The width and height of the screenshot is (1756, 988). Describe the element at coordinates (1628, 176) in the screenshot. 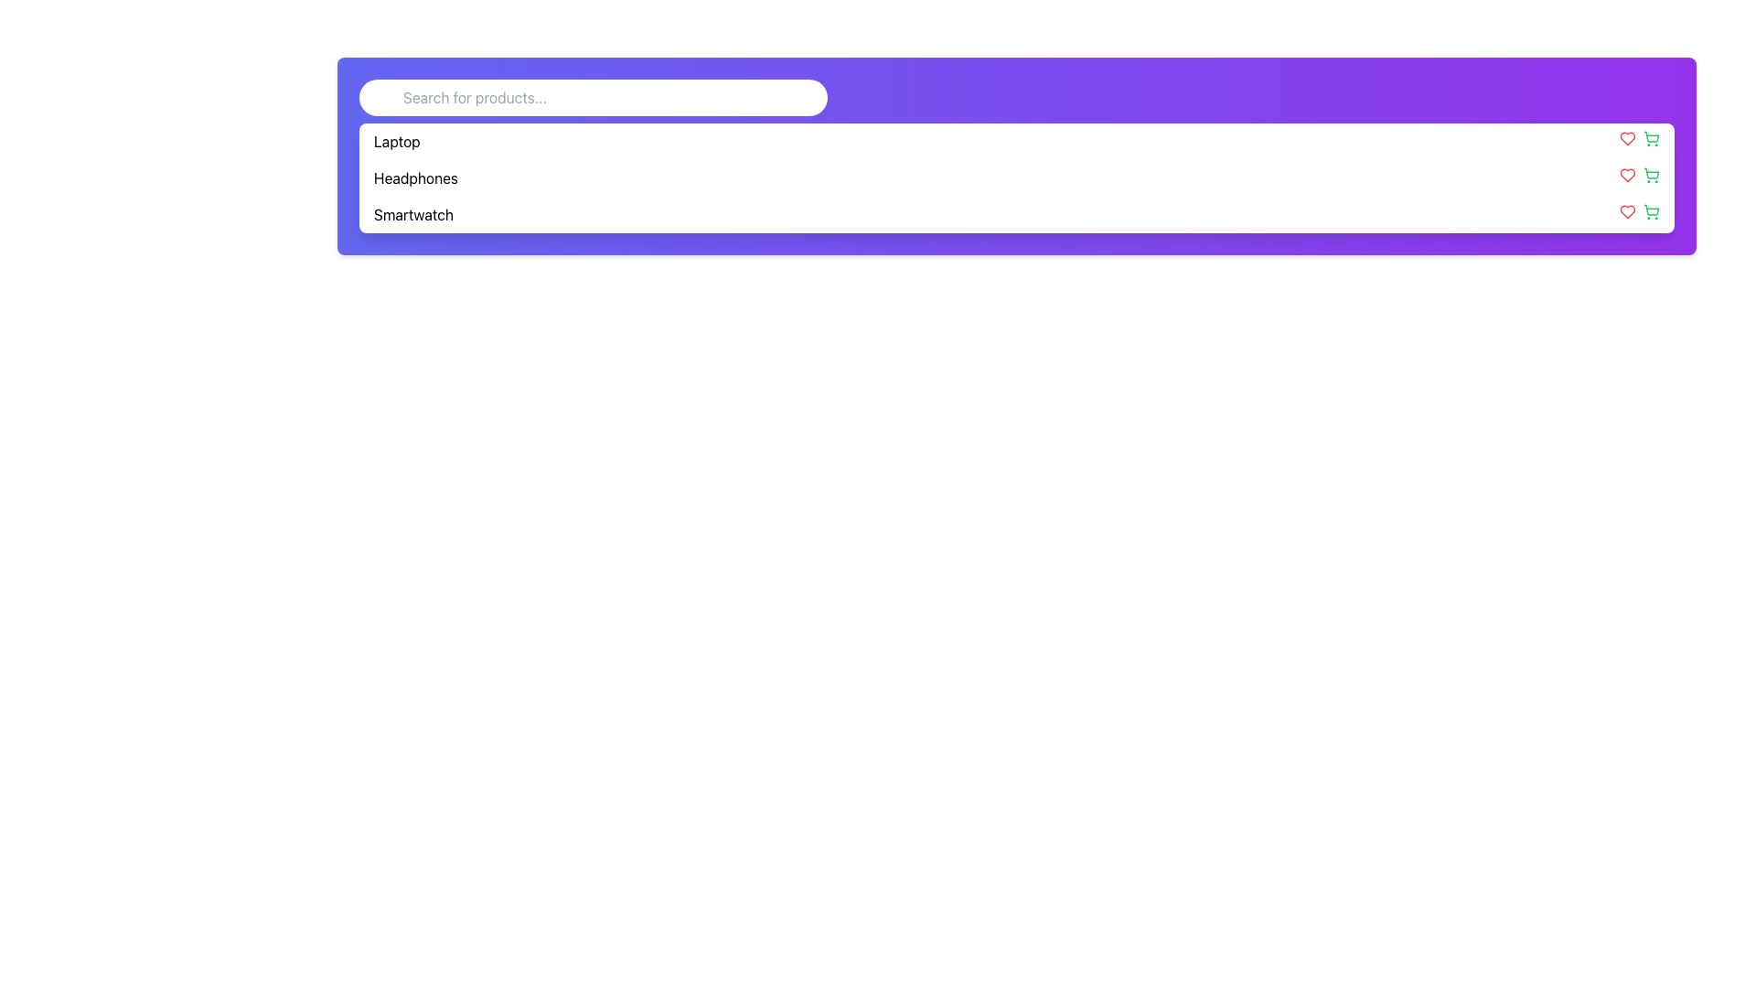

I see `the heart-shaped icon` at that location.